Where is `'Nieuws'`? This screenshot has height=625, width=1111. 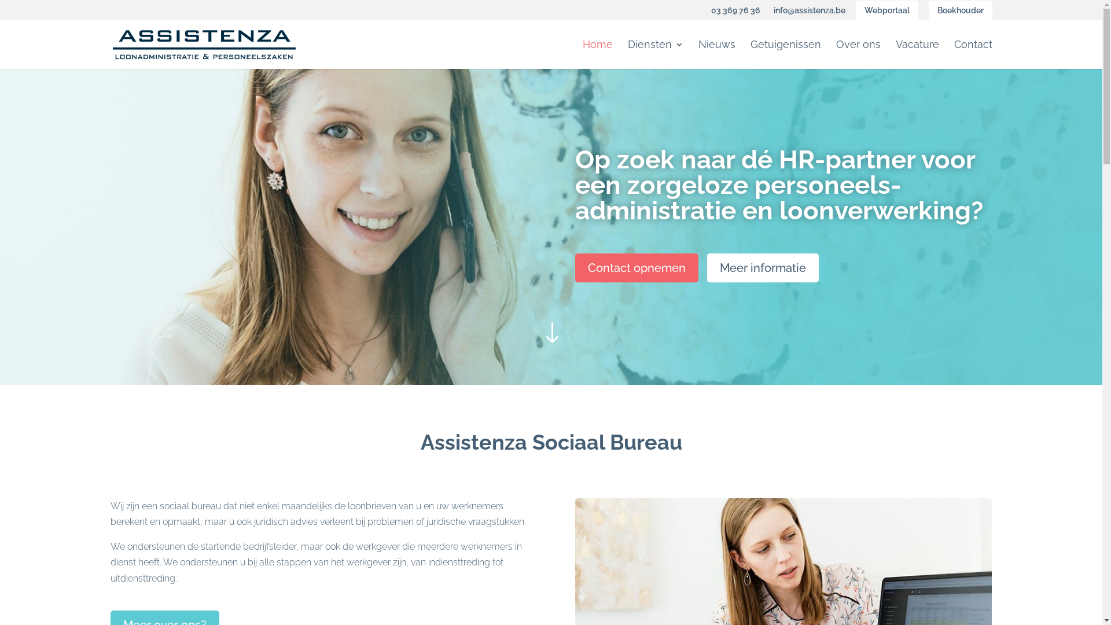 'Nieuws' is located at coordinates (716, 54).